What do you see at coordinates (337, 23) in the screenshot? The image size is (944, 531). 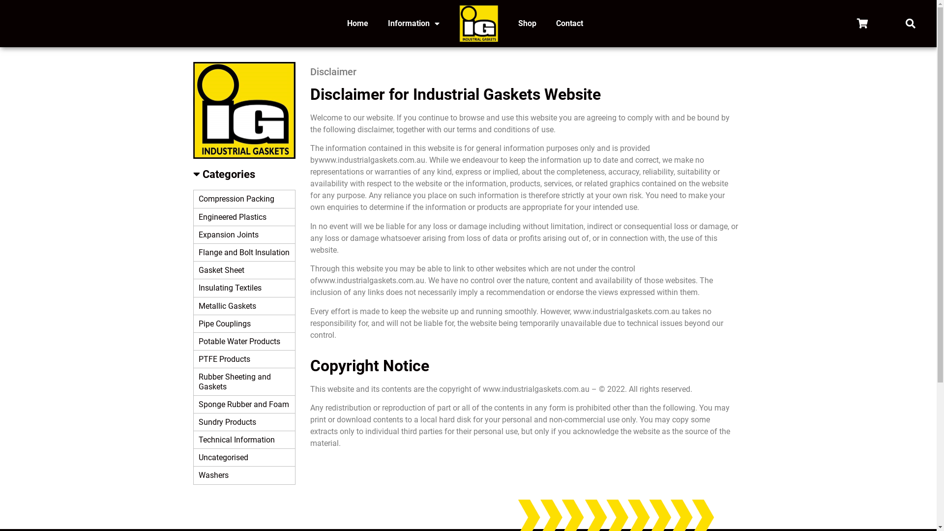 I see `'Home'` at bounding box center [337, 23].